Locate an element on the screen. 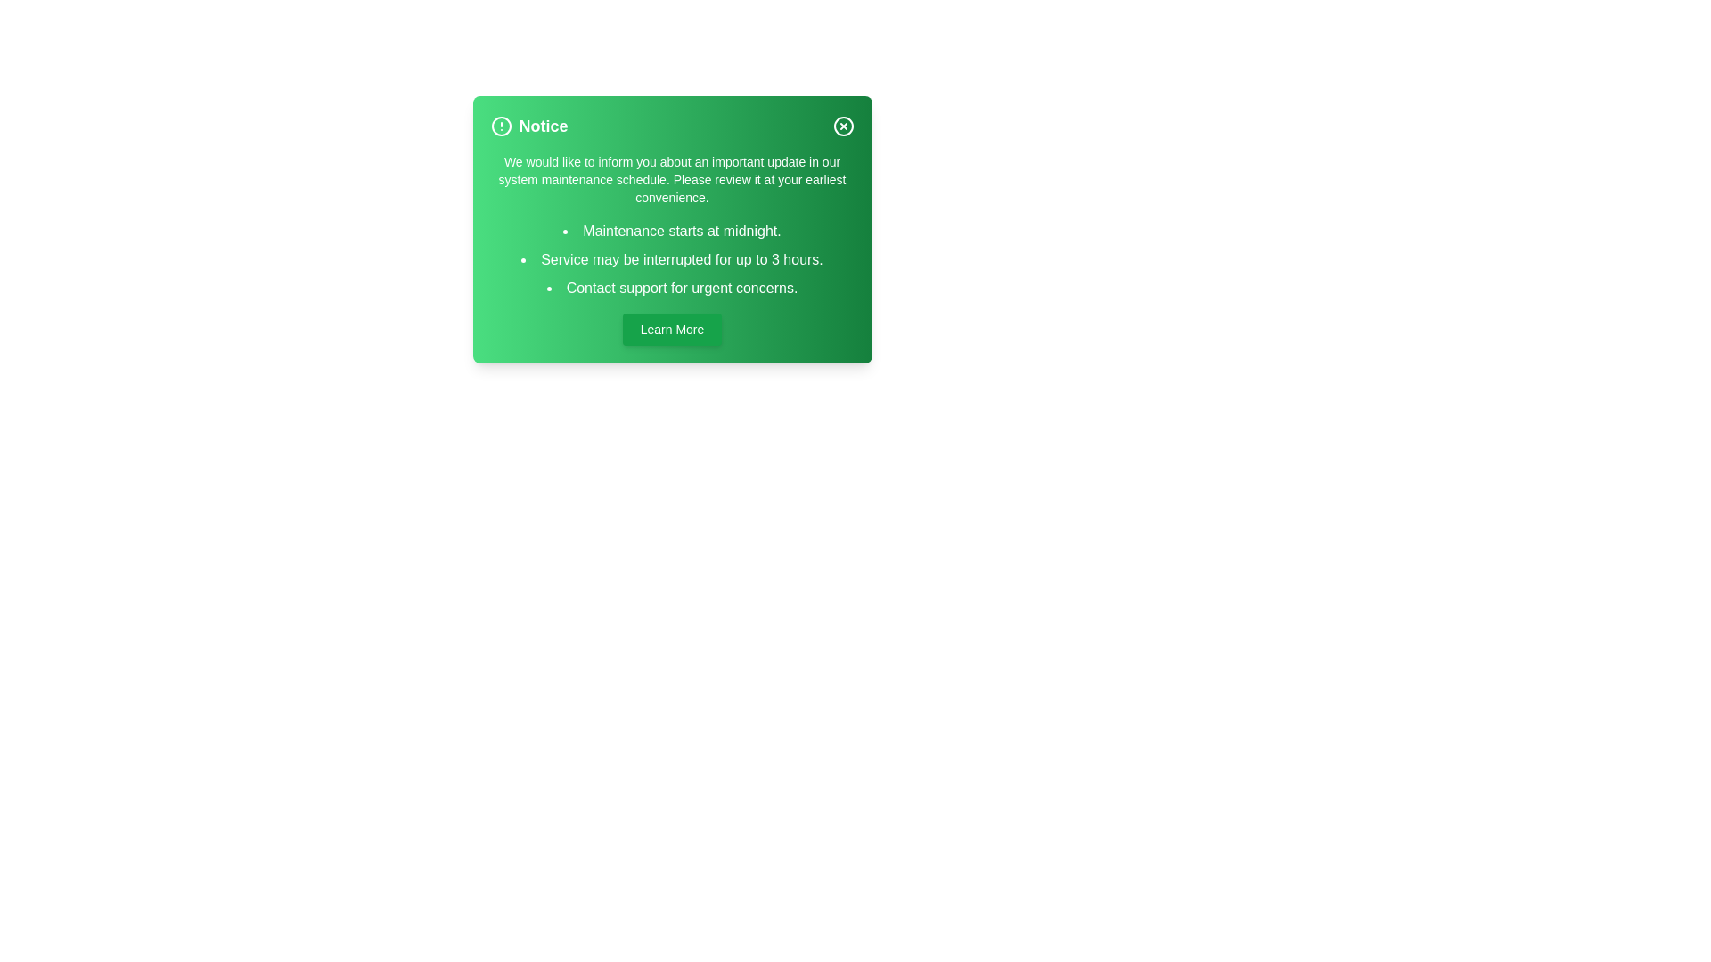 The width and height of the screenshot is (1711, 962). the first item in the vertical bulleted list that conveys an informational message about system maintenance updates, located within a green modal box is located at coordinates (671, 230).